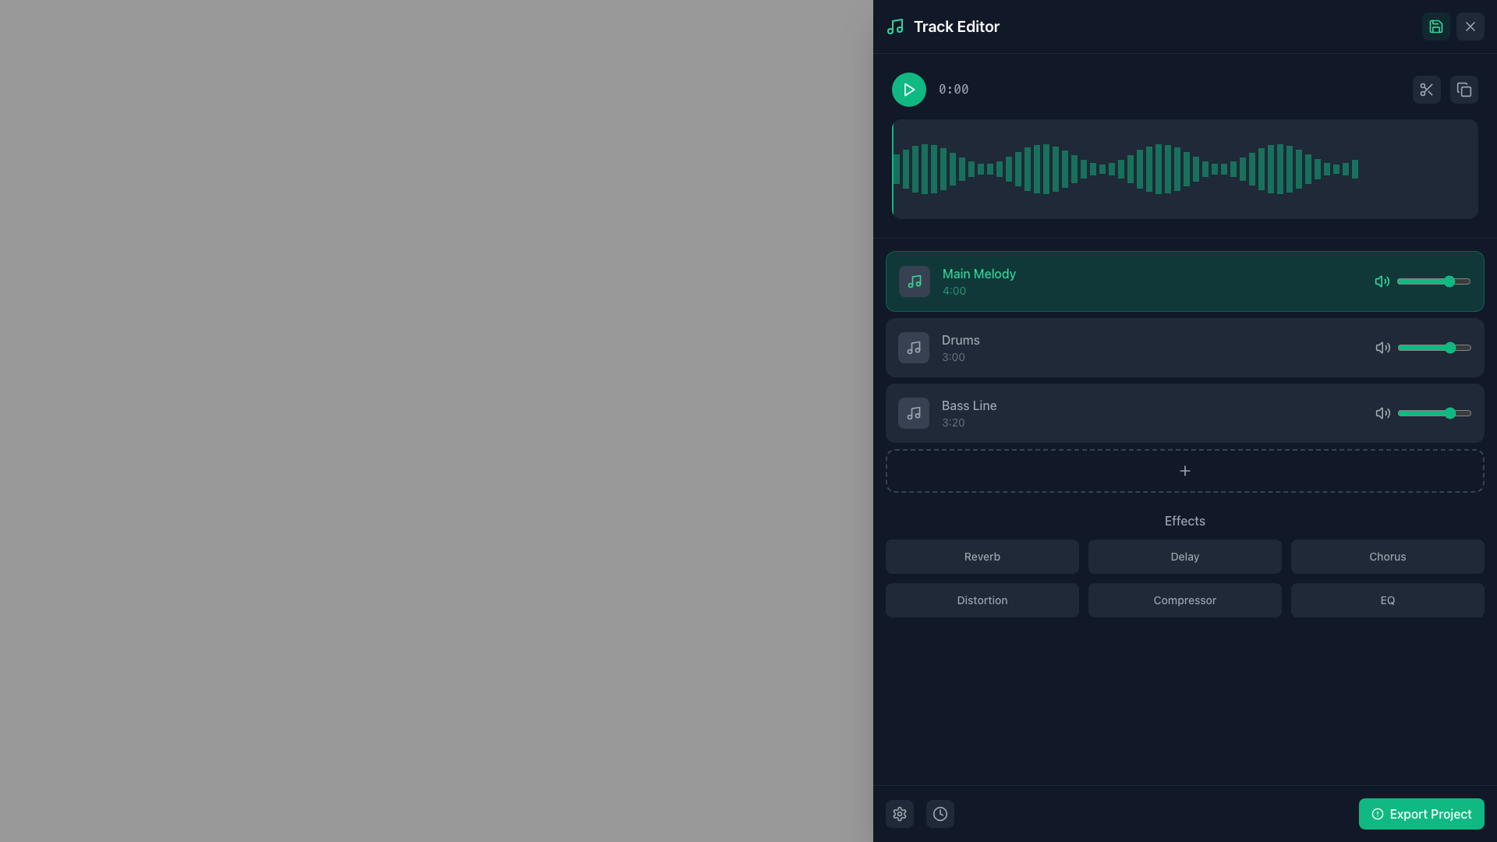 The height and width of the screenshot is (842, 1497). I want to click on the volume icon located in the 'Bass Line' row, so click(1379, 412).